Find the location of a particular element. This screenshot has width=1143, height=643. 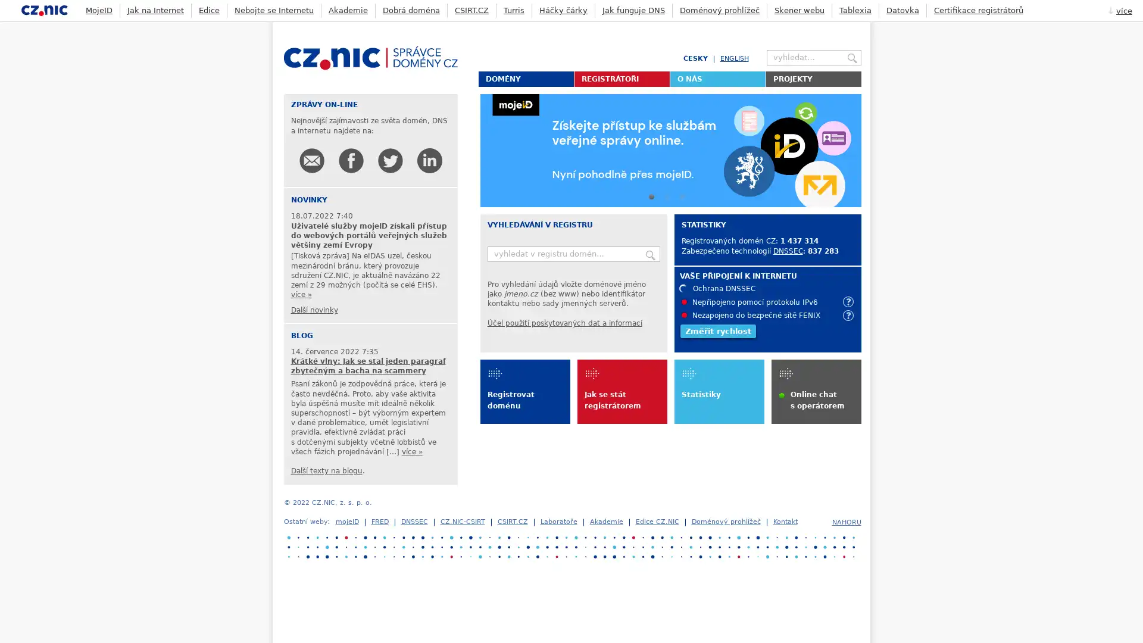

info is located at coordinates (848, 301).